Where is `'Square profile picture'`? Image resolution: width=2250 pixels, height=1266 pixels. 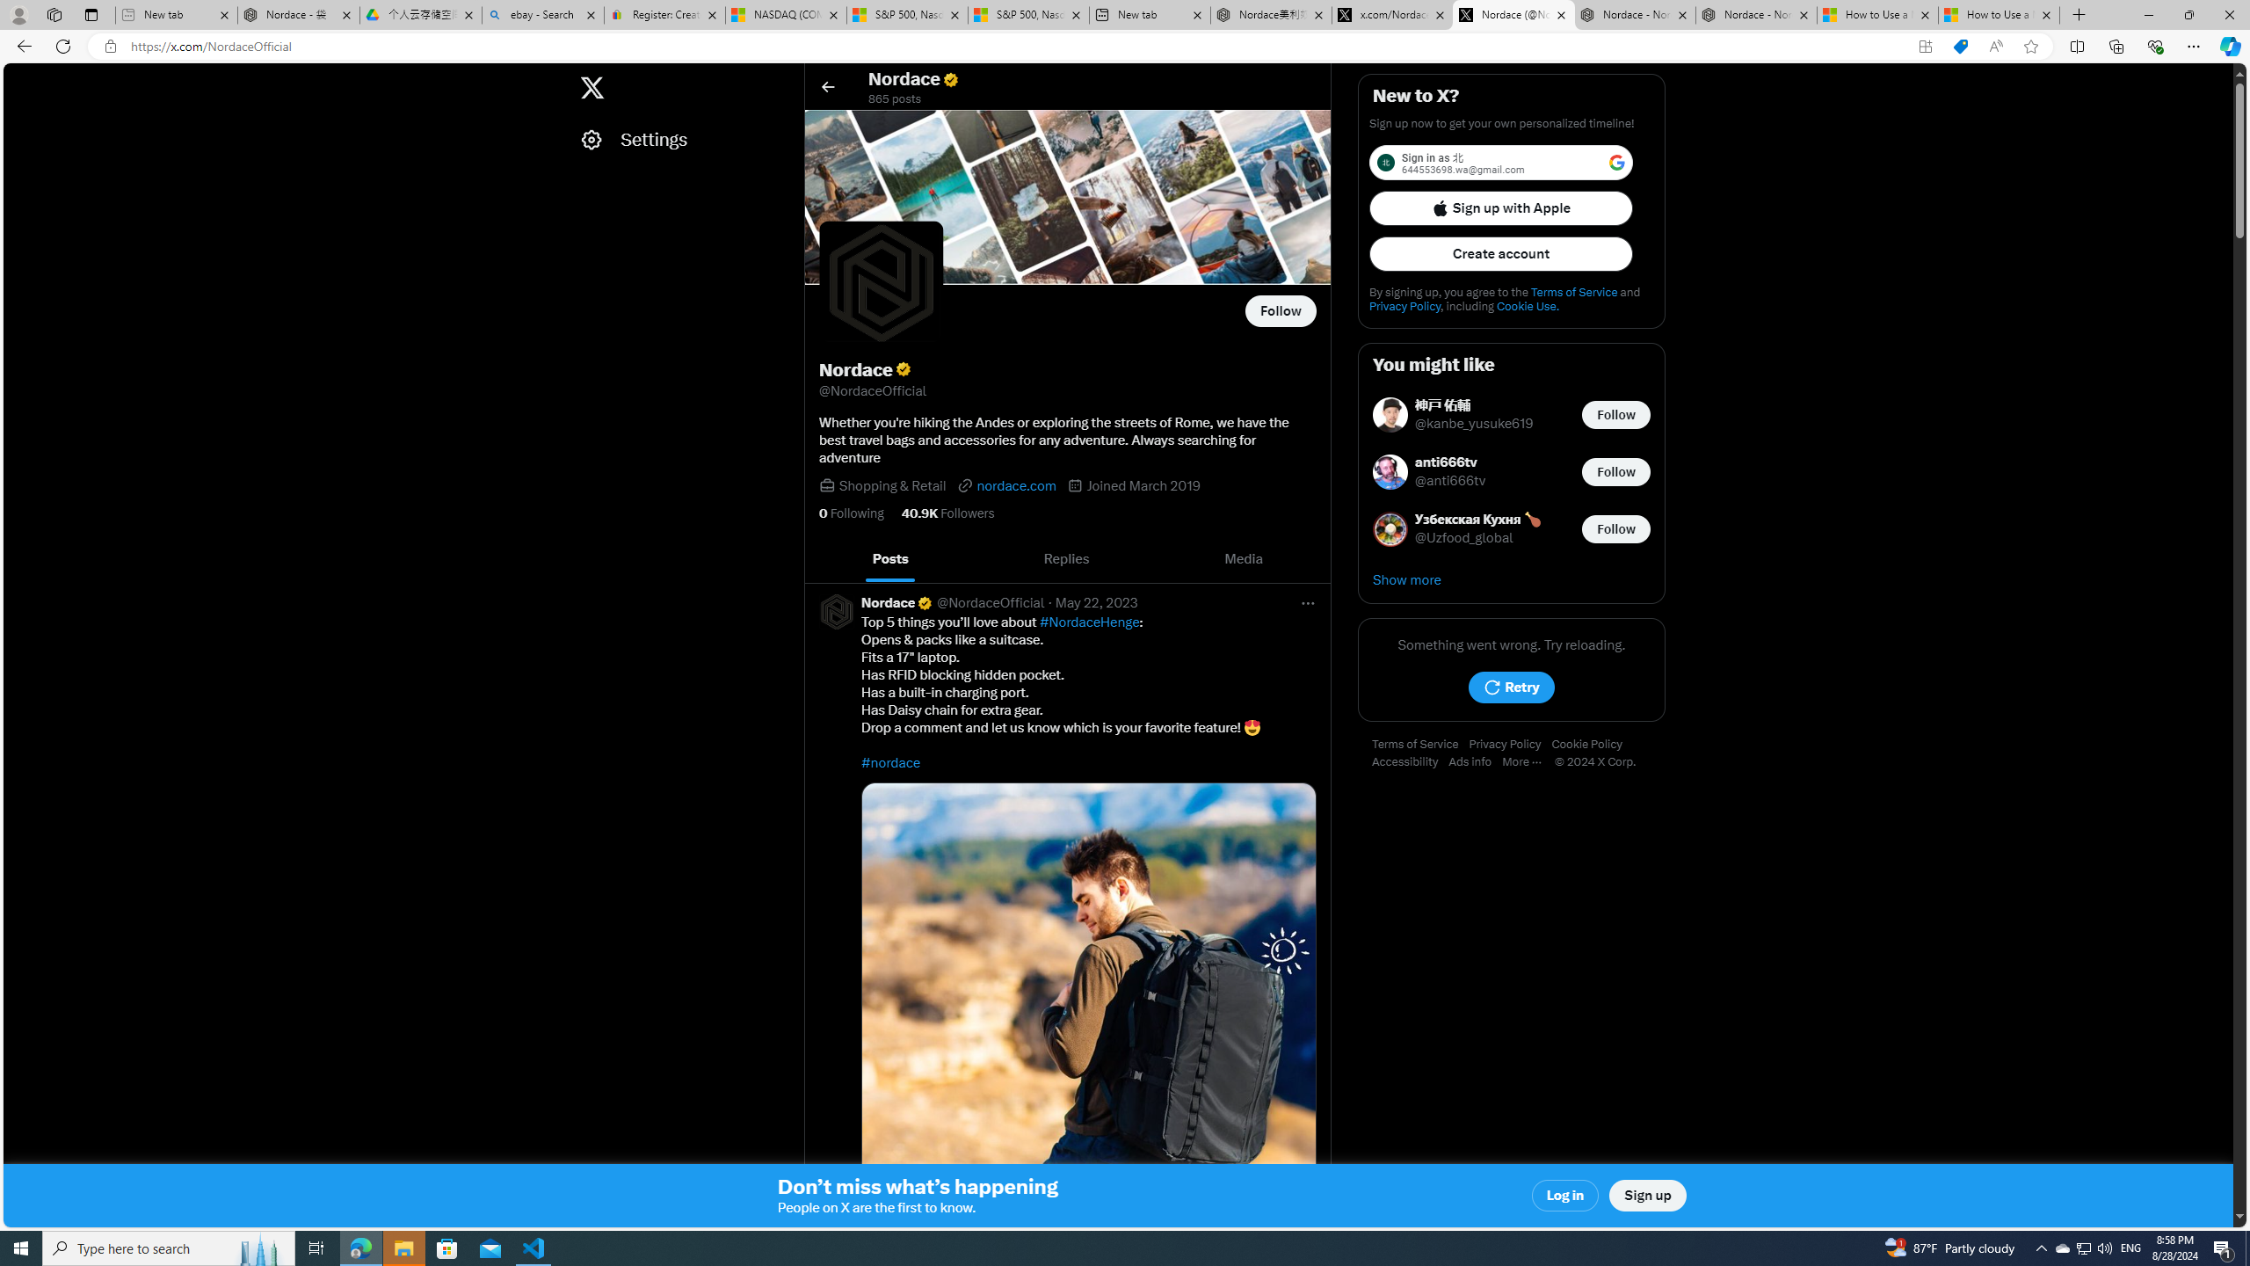 'Square profile picture' is located at coordinates (836, 610).